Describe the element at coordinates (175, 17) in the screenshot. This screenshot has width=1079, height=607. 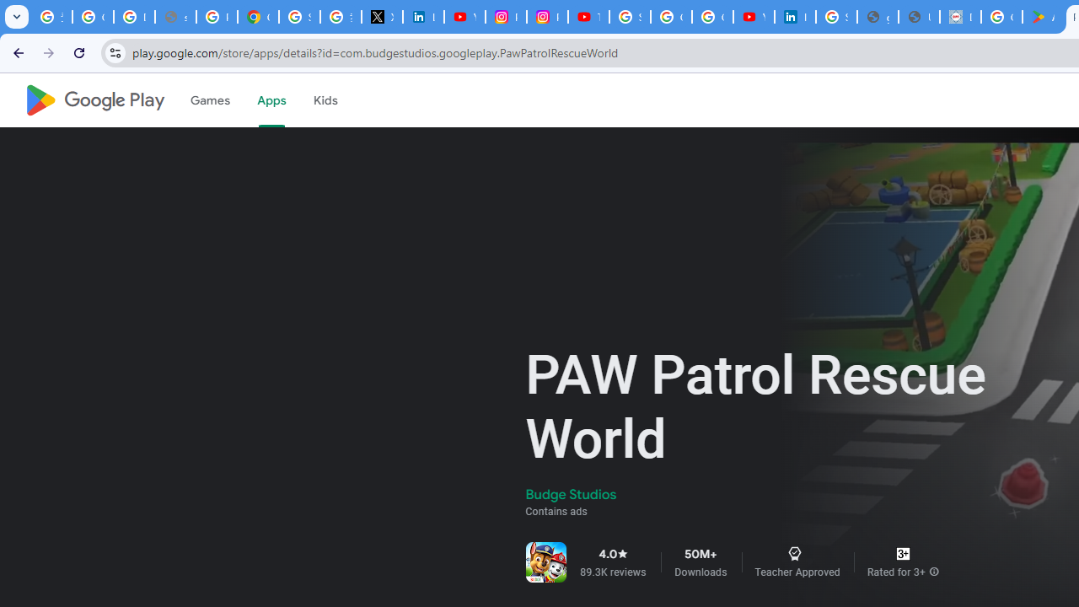
I see `'support.google.com - Network error'` at that location.